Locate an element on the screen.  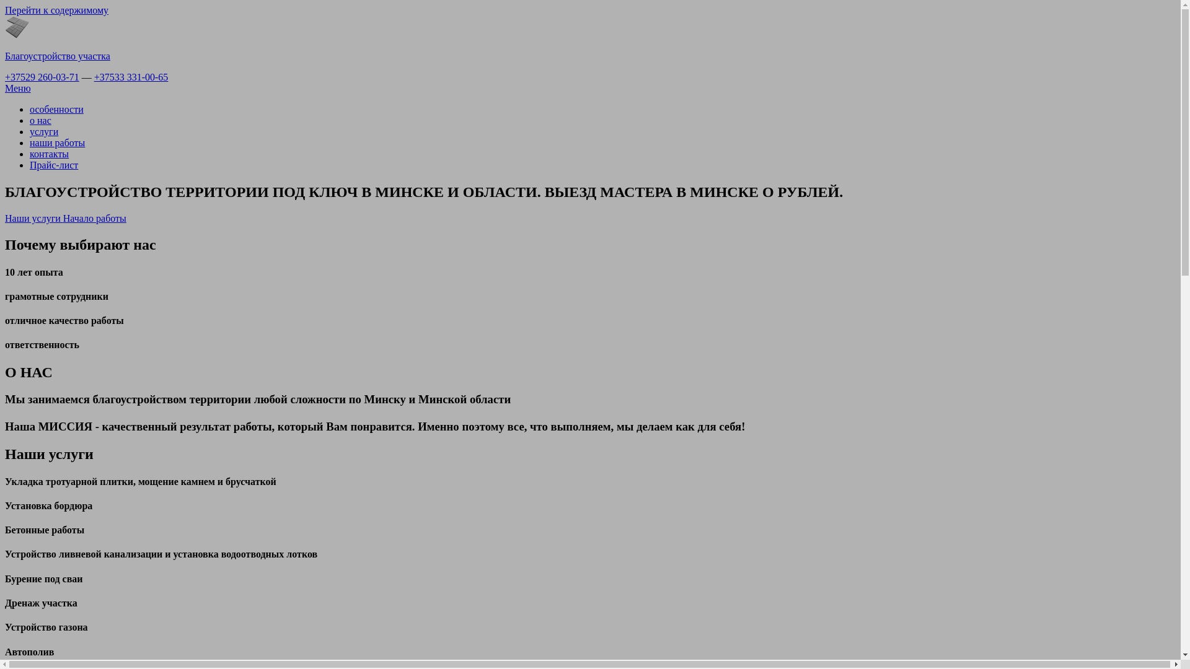
'+37529 260-03-71' is located at coordinates (5, 77).